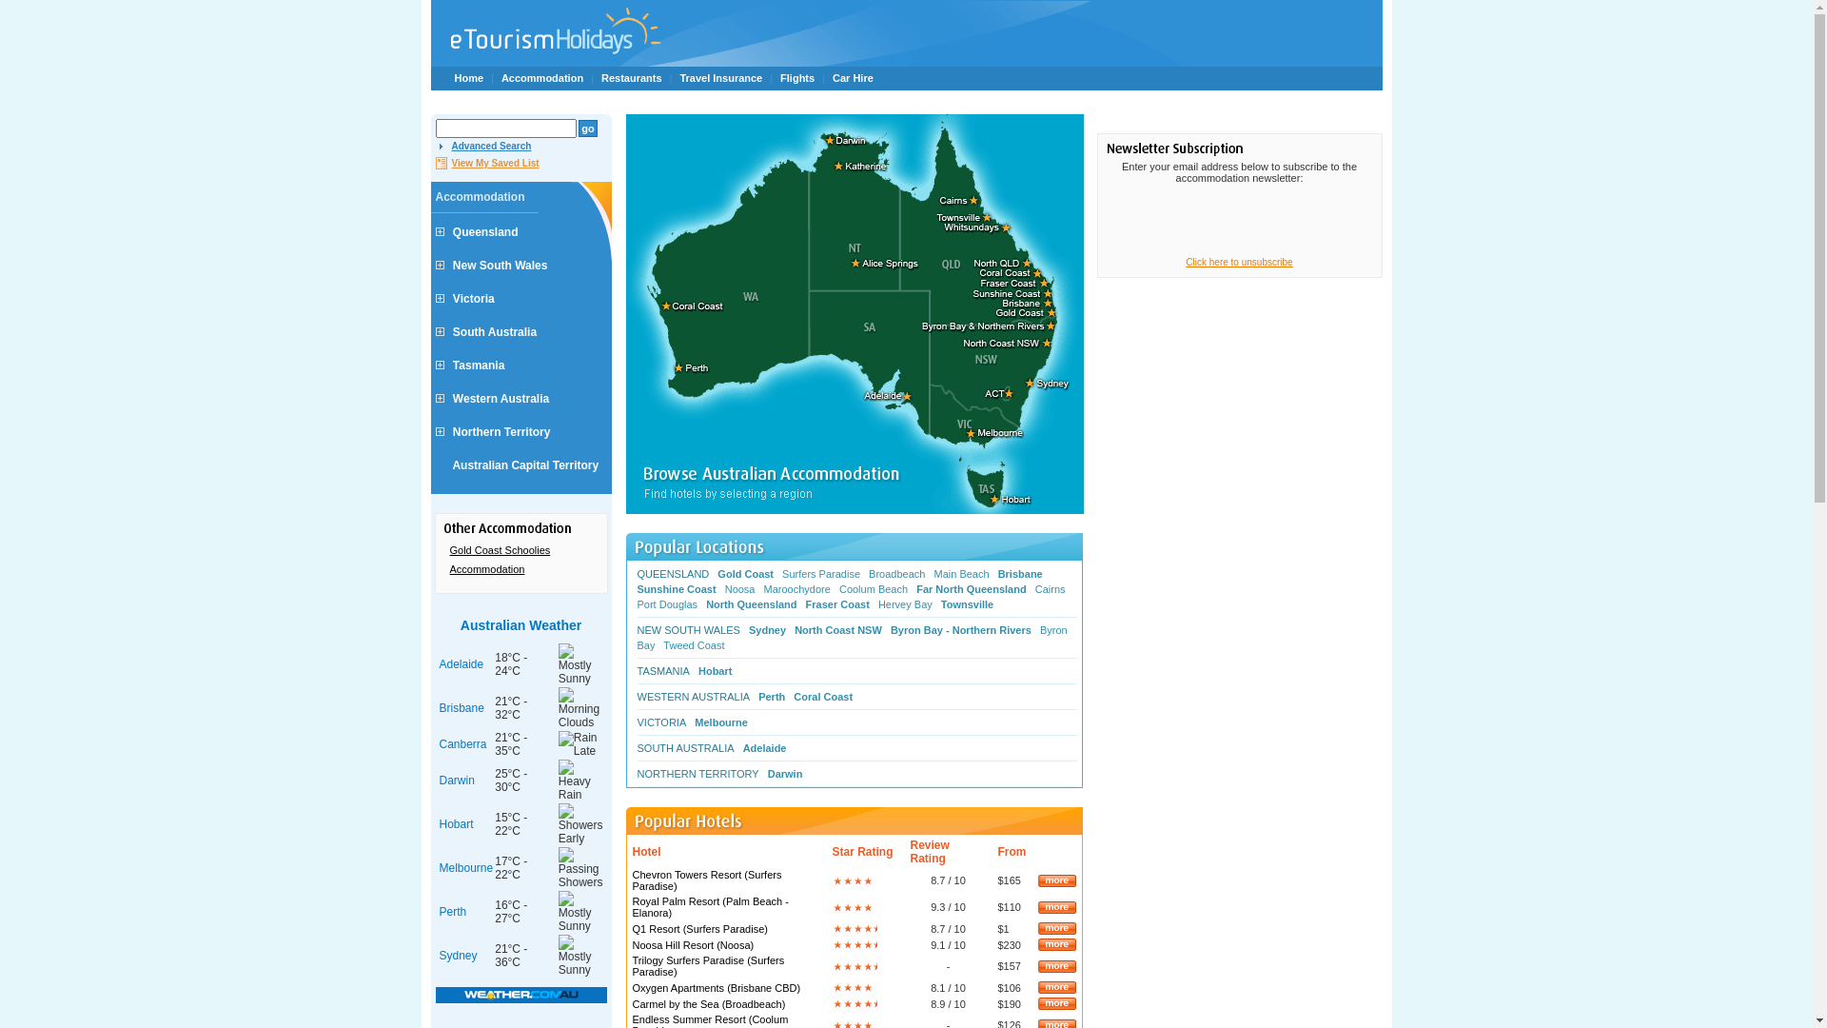  Describe the element at coordinates (997, 572) in the screenshot. I see `'Brisbane'` at that location.